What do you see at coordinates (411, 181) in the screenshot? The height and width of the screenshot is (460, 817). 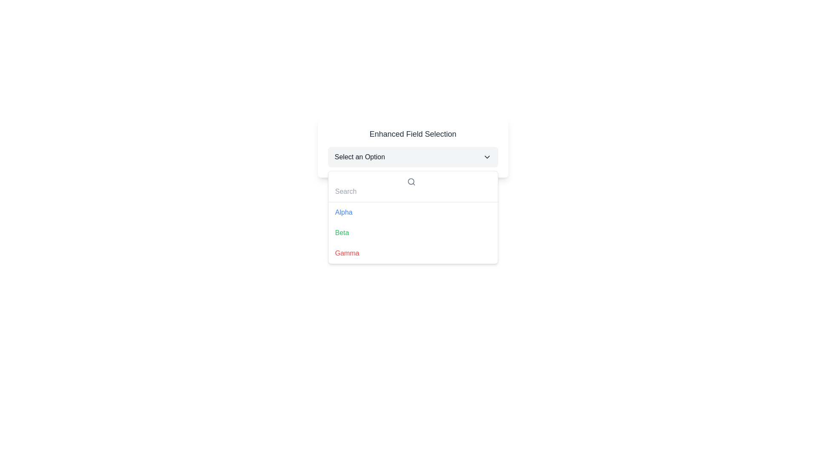 I see `the search icon located left of the text input field in the header section of the dropdown, serving as a visual indicator for search functionality` at bounding box center [411, 181].